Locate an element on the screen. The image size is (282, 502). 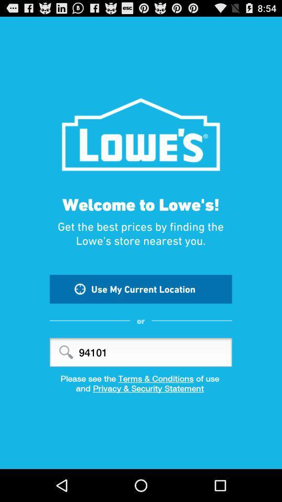
icon above the please see the is located at coordinates (140, 352).